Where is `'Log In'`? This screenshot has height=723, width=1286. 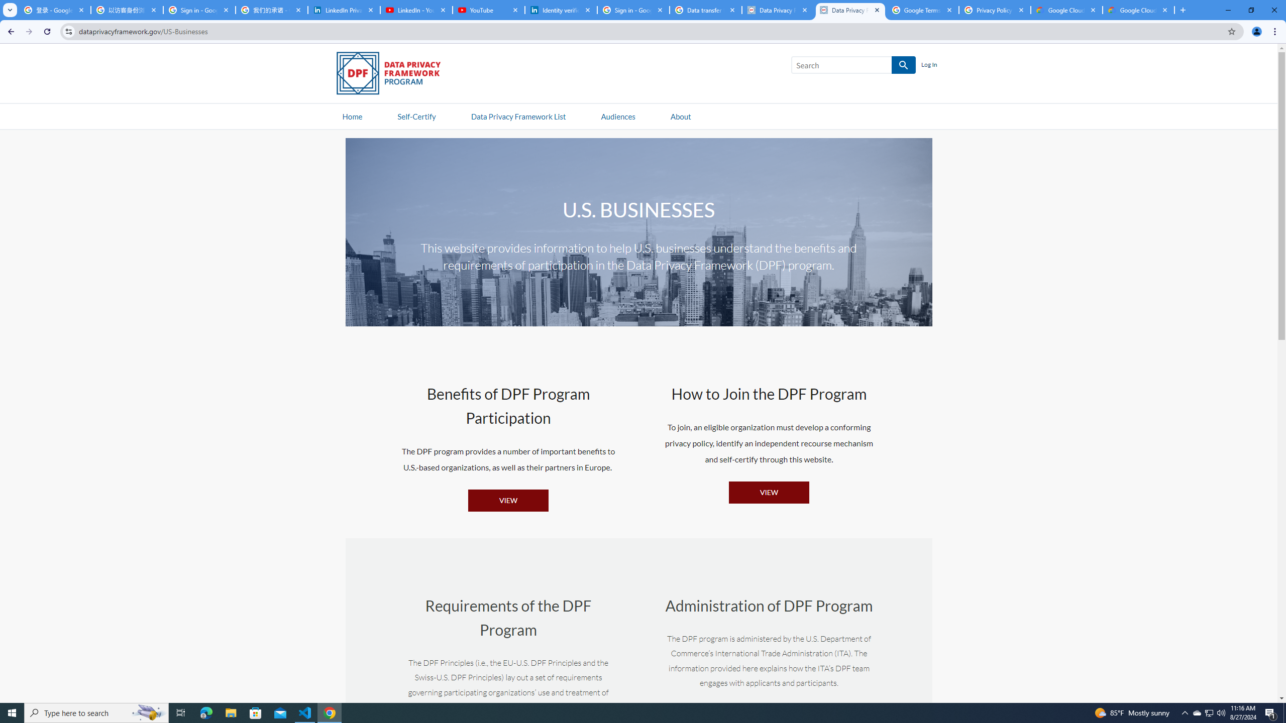 'Log In' is located at coordinates (928, 65).